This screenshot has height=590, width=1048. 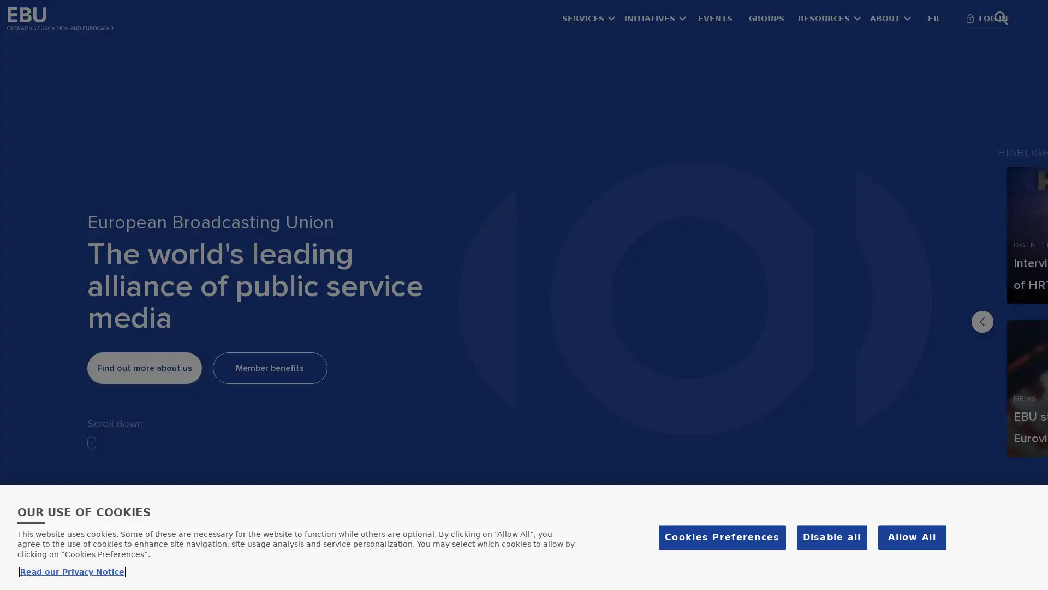 What do you see at coordinates (722, 536) in the screenshot?
I see `Cookies Preferences` at bounding box center [722, 536].